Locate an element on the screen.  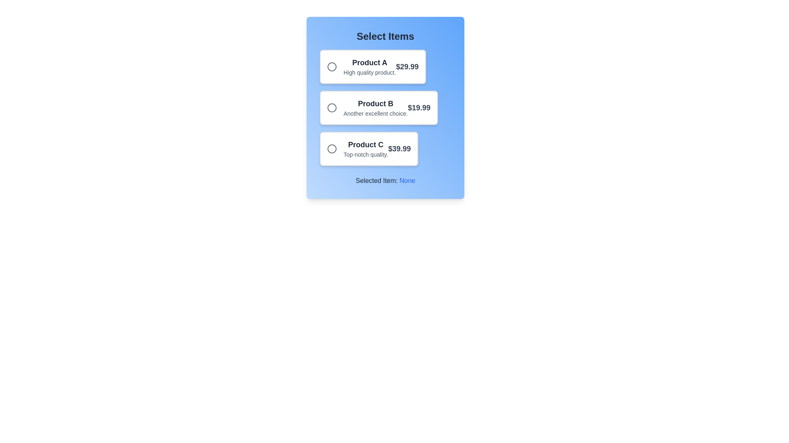
the radio button for 'Product C' is located at coordinates (332, 148).